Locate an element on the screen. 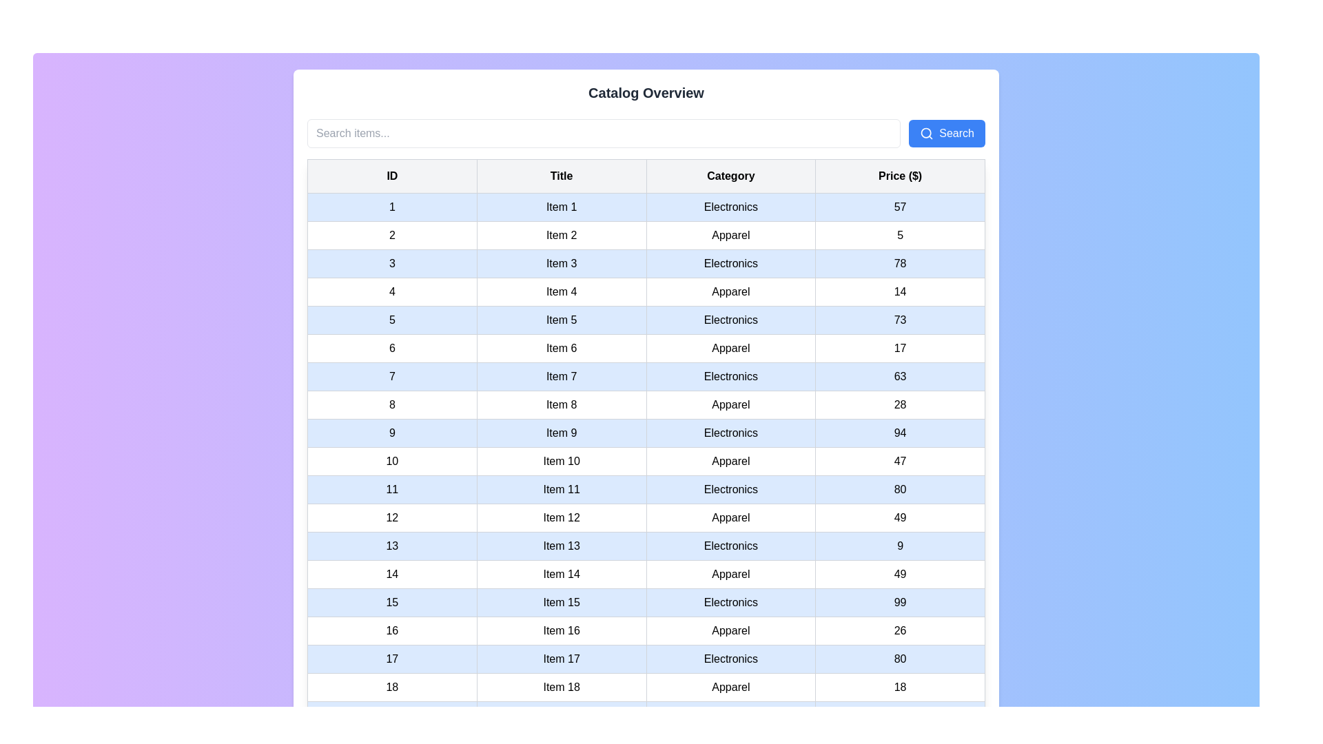  the table cell displaying the numeric value '9' located in the first column of the highlighted row is located at coordinates (391, 432).